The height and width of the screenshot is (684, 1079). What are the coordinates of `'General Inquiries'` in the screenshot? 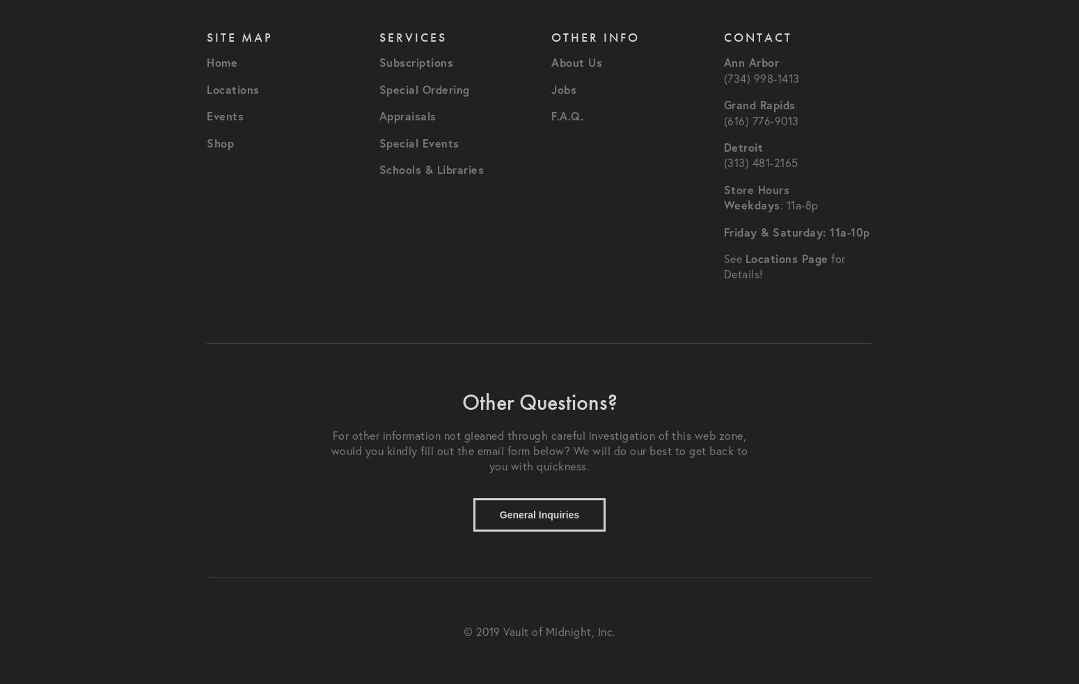 It's located at (539, 514).